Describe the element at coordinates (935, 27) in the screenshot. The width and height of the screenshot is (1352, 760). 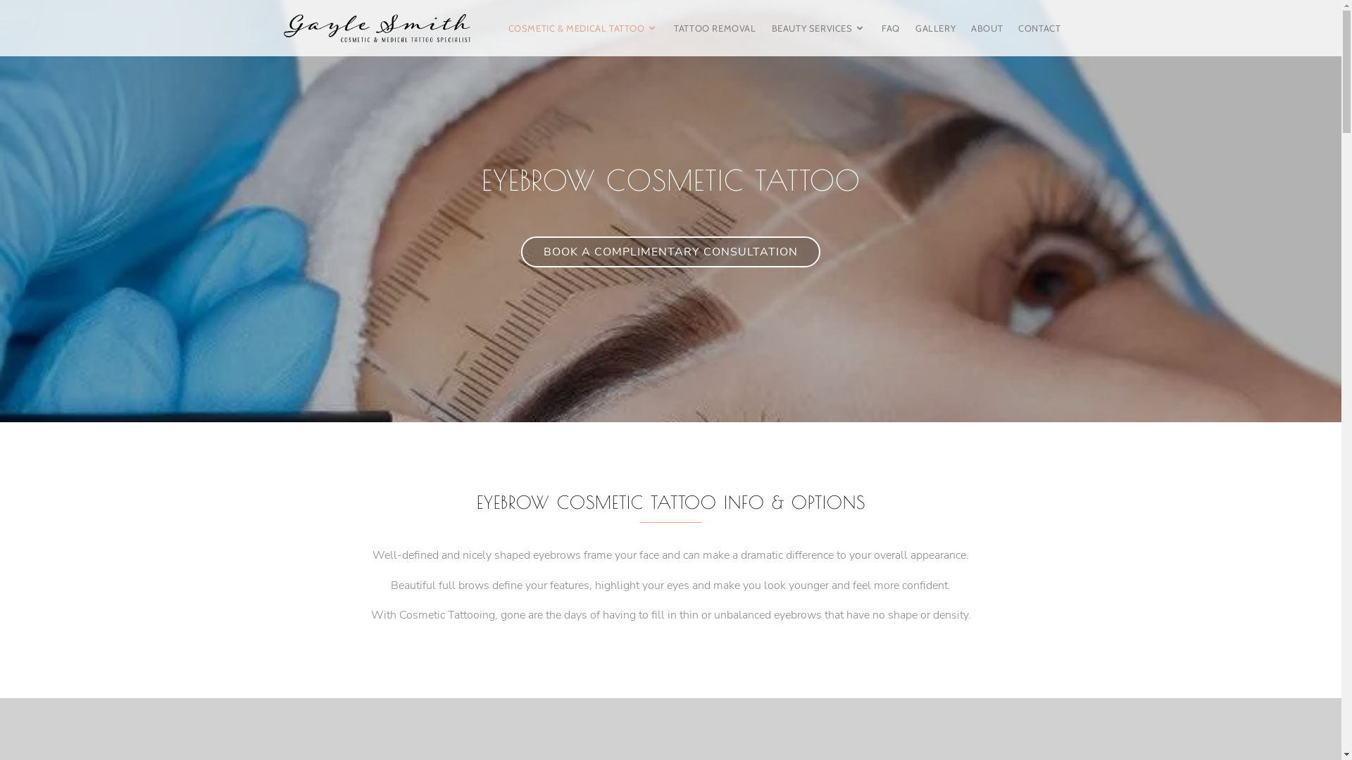
I see `'GALLERY'` at that location.